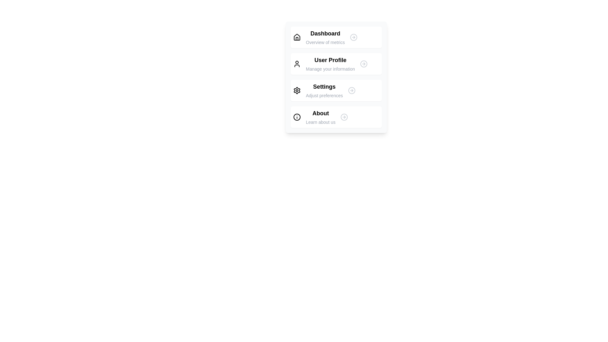  Describe the element at coordinates (336, 90) in the screenshot. I see `the settings navigation button located below 'User Profile' and above 'About Learn about us'` at that location.